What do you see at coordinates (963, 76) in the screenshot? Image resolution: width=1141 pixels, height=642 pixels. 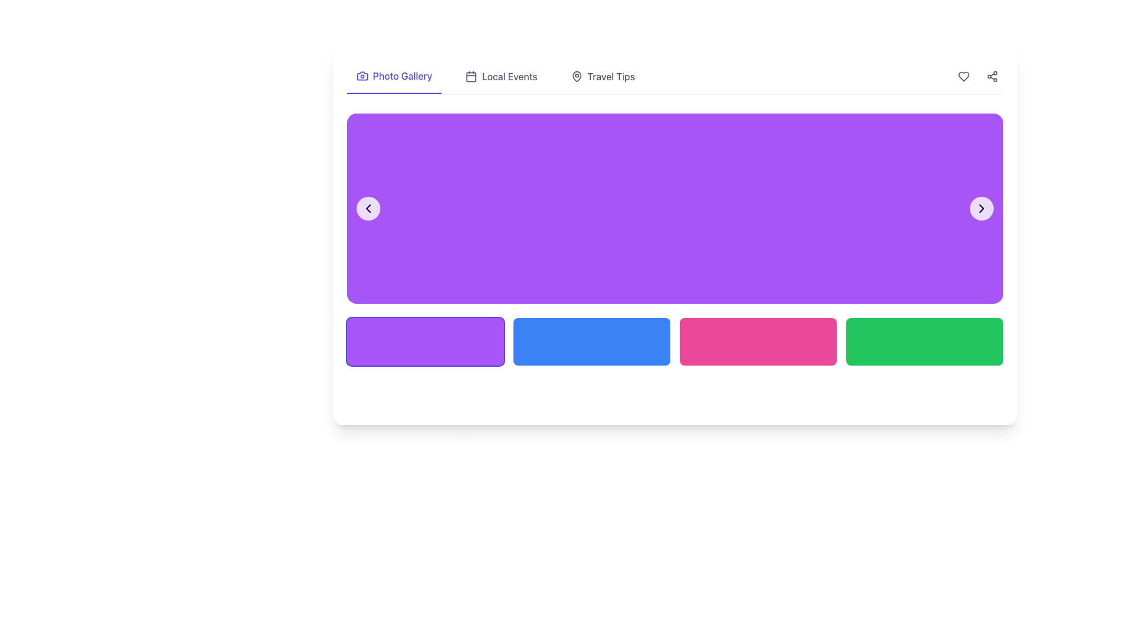 I see `the first interactive button in the top-right corner of the interface` at bounding box center [963, 76].